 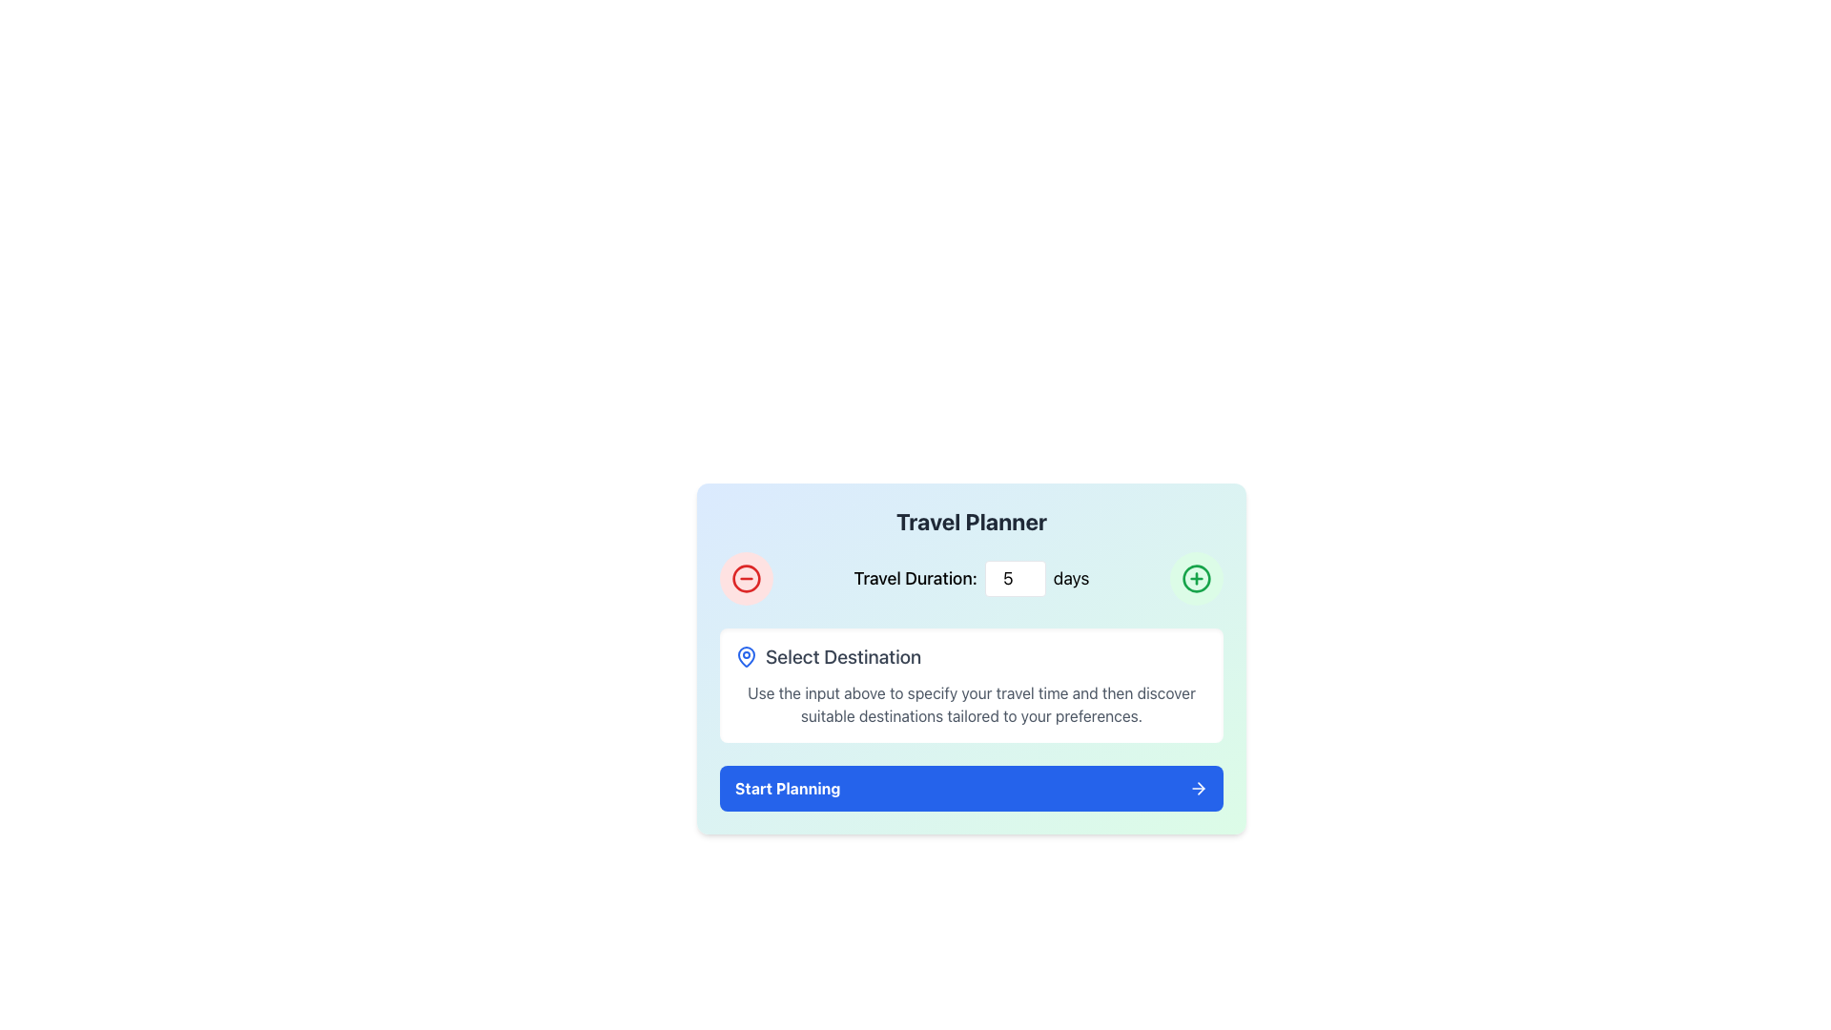 I want to click on the rightward pointing arrow icon within the small square button with a blue background, located to the right of the 'Start Planning' text, so click(x=1198, y=788).